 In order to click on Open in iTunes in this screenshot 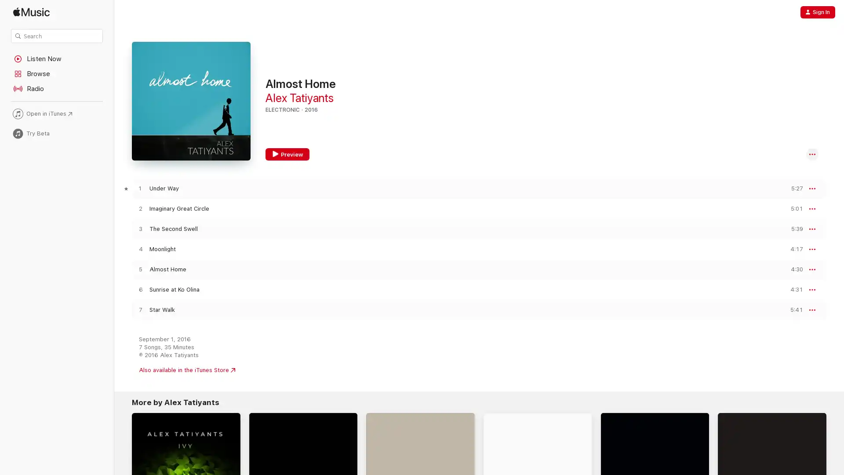, I will do `click(56, 113)`.